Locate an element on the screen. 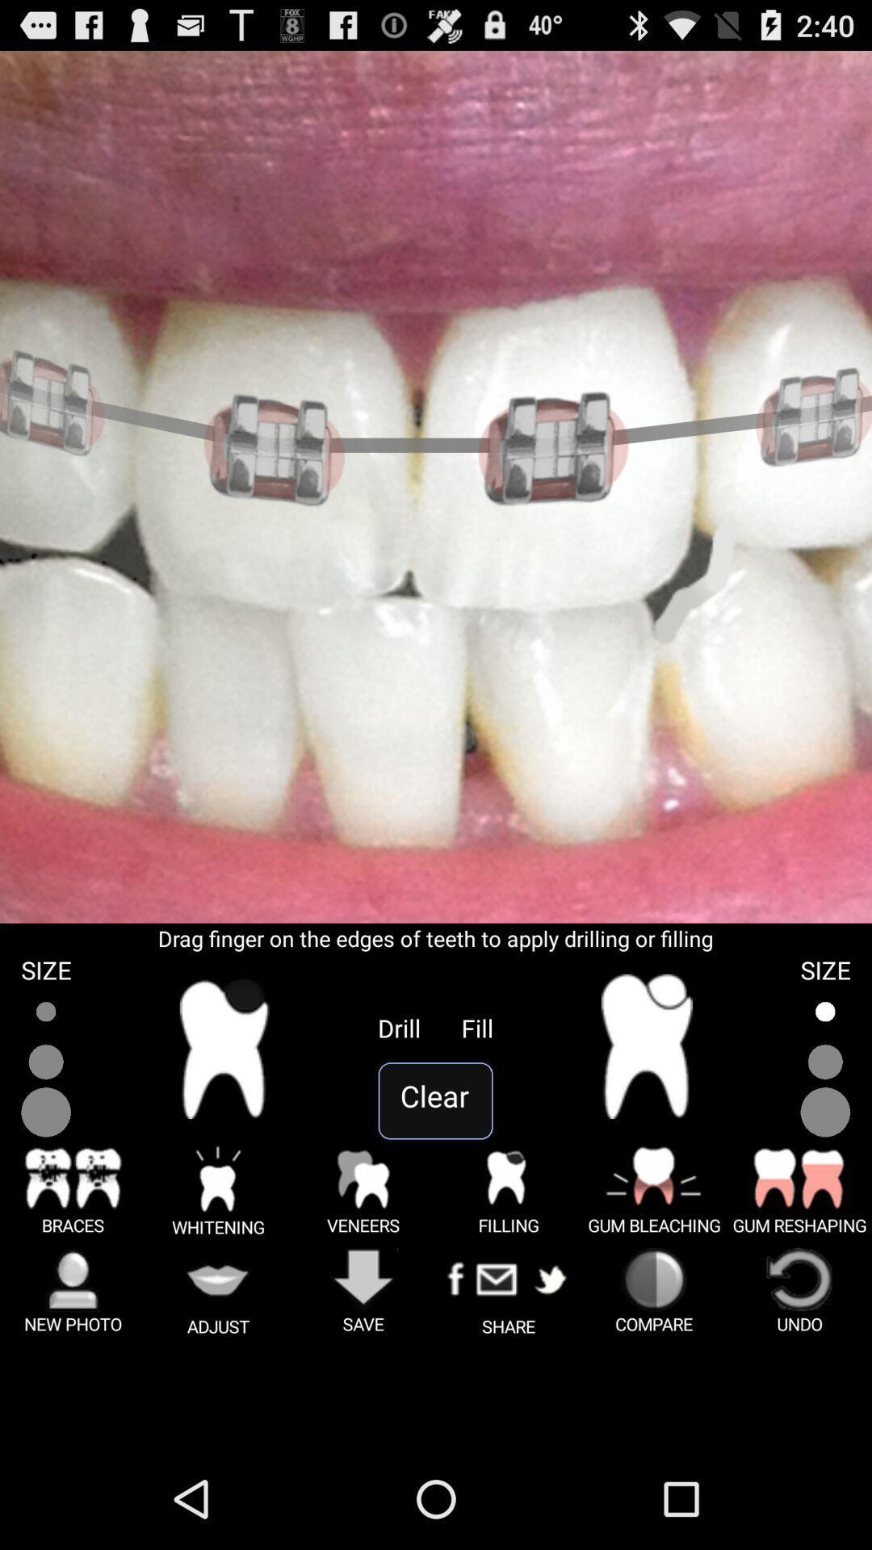 The height and width of the screenshot is (1550, 872). indicates a tooth with a filling is located at coordinates (646, 1046).